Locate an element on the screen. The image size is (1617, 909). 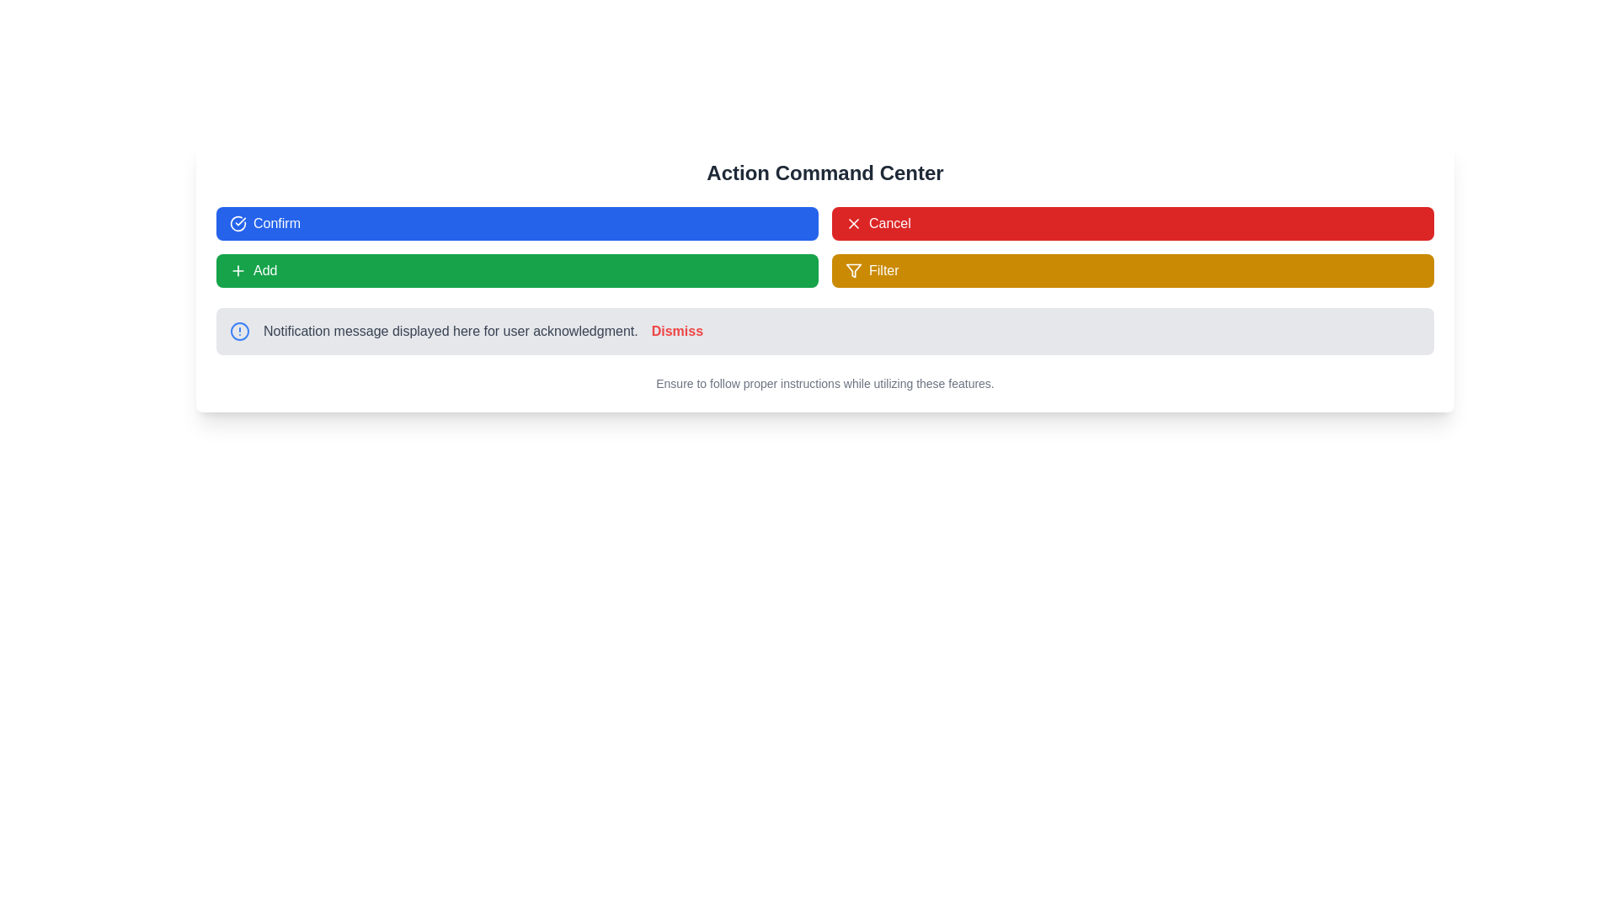
the 'Cancel' button which is a red rectangular button with the label 'Cancel' displayed in white color, located on the right side within a horizontal button bar is located at coordinates (889, 223).